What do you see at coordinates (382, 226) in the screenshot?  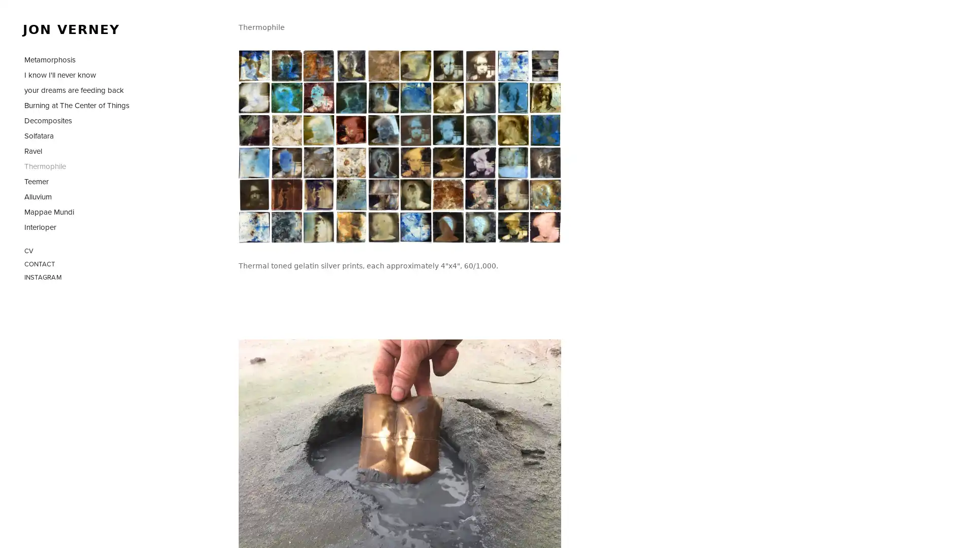 I see `View fullsize jon_verney_thermophile_58.jpg` at bounding box center [382, 226].